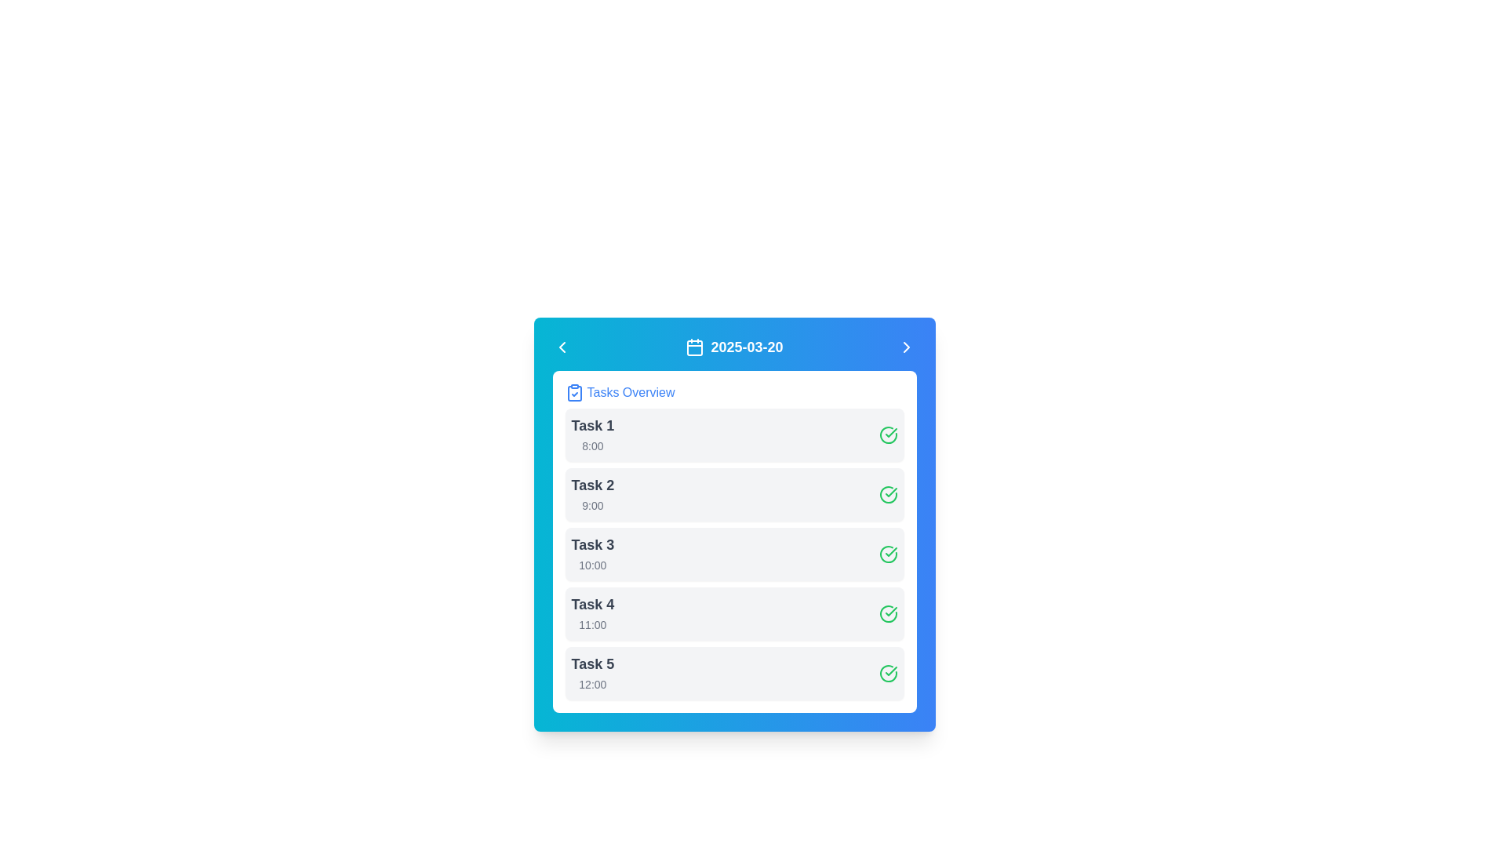 The image size is (1506, 847). I want to click on the navigation button located on the far right side of the blue header bar, adjacent to the date '2025-03-20', so click(907, 347).